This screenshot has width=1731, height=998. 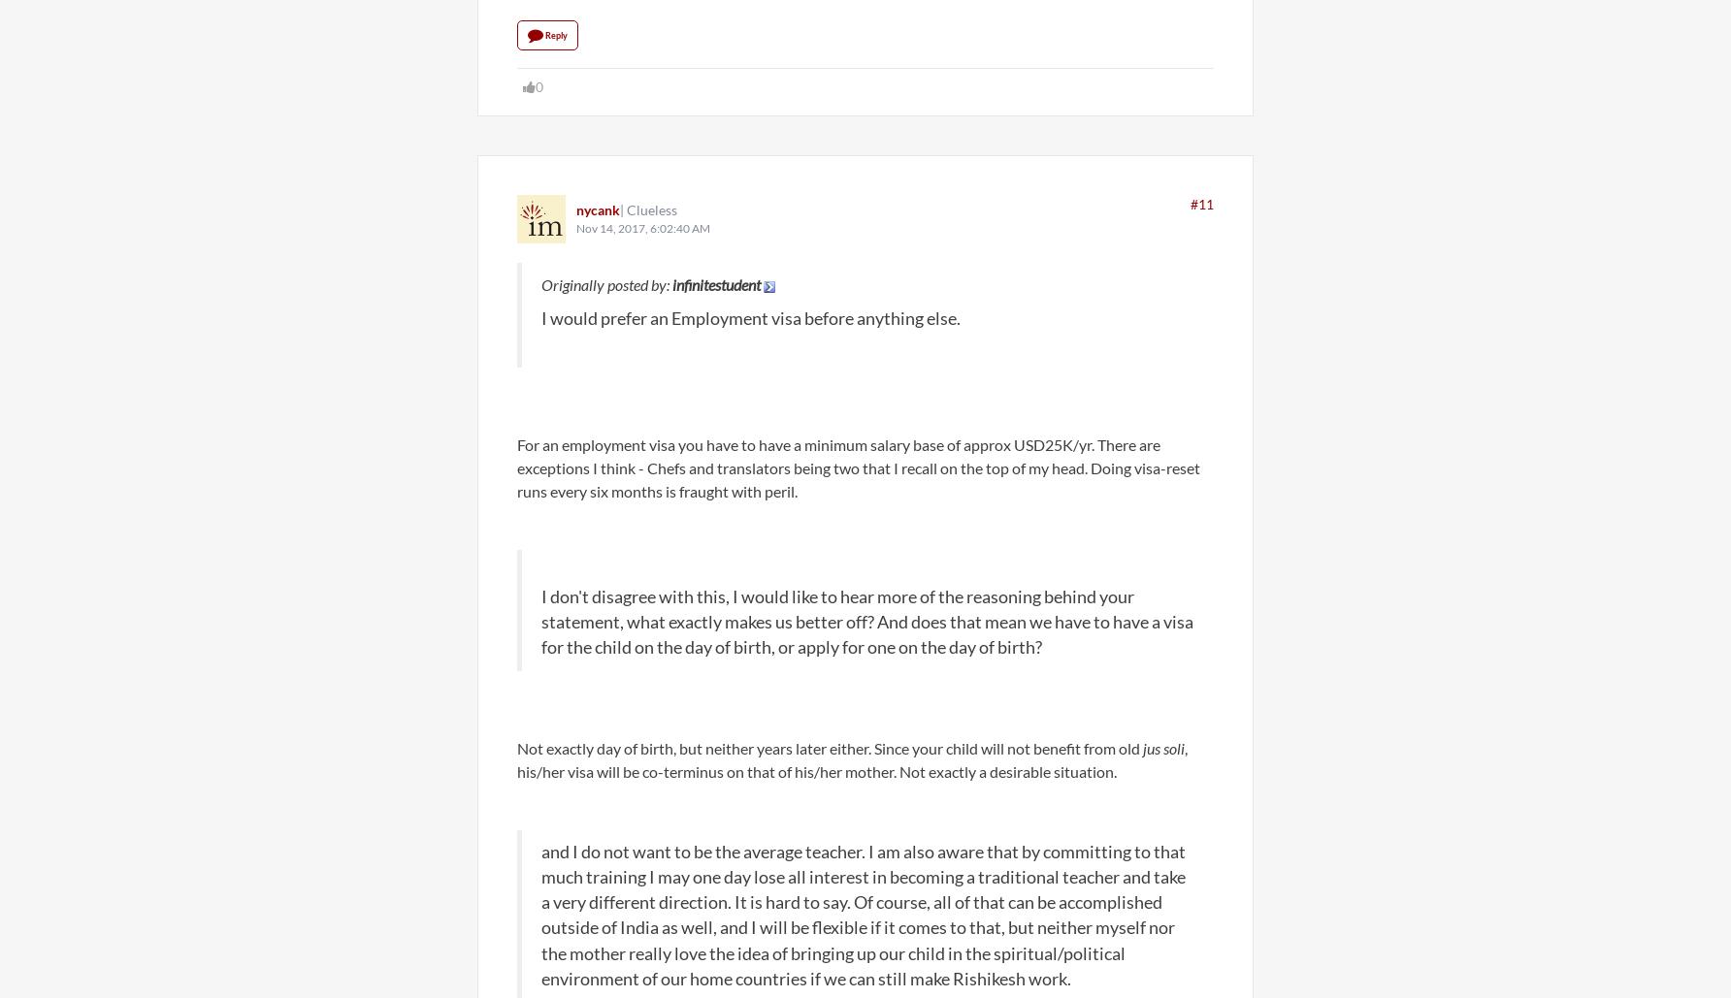 I want to click on 'I don't disagree with this, I would like to hear more of the reasoning behind your statement, what exactly makes us better off? And does that mean we have to have a visa for the child on the day of birth, or apply for one on the day of birth?', so click(x=866, y=621).